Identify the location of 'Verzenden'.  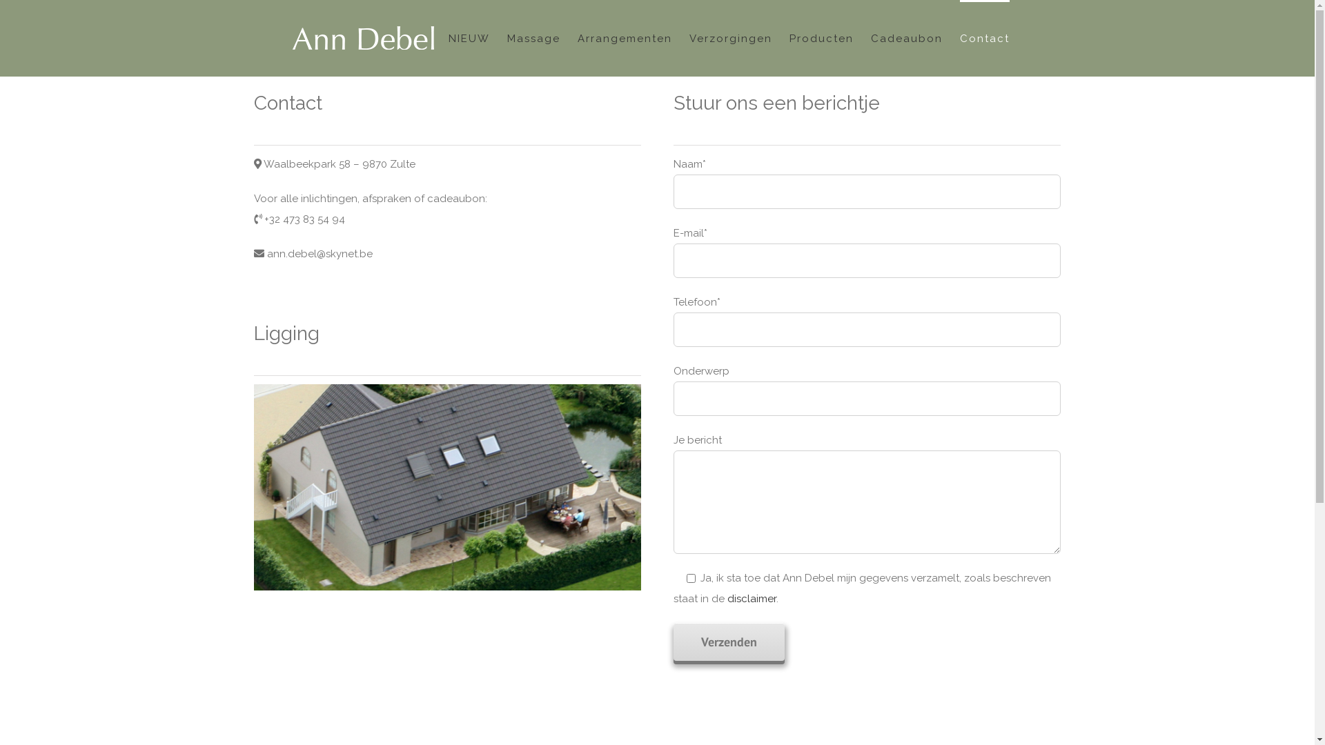
(673, 642).